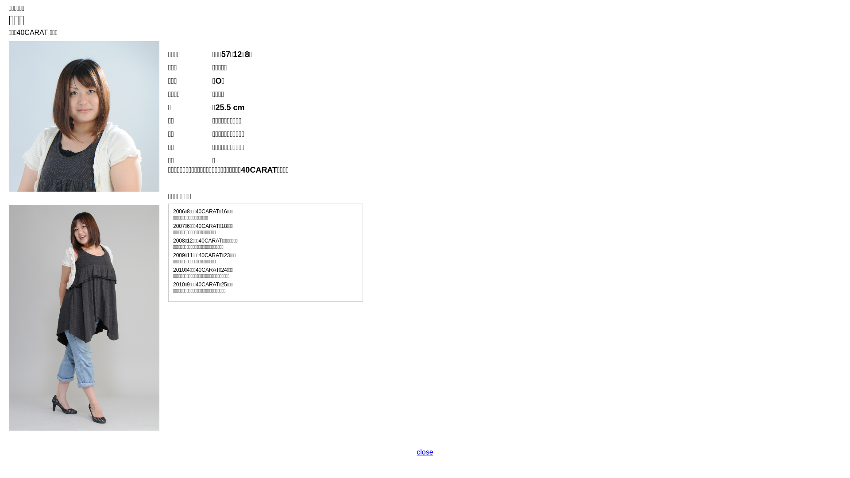 This screenshot has height=478, width=850. Describe the element at coordinates (424, 452) in the screenshot. I see `'close'` at that location.